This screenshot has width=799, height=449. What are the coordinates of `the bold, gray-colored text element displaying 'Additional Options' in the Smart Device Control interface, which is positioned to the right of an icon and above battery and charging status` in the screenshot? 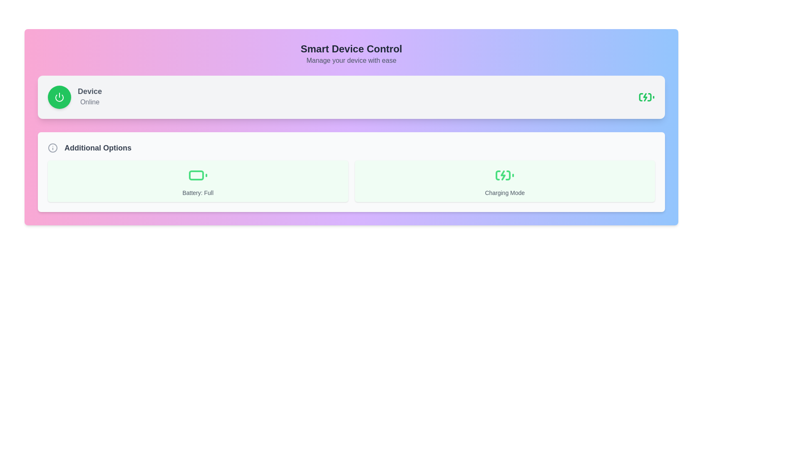 It's located at (98, 147).